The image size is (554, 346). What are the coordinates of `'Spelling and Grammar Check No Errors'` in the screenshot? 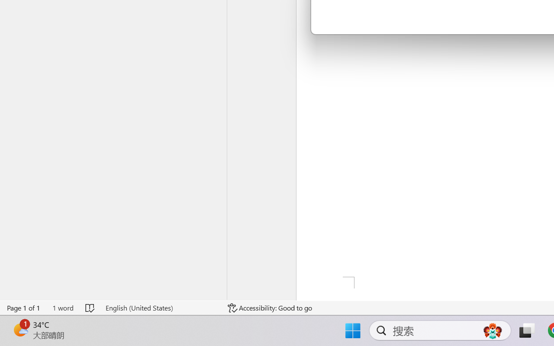 It's located at (90, 308).